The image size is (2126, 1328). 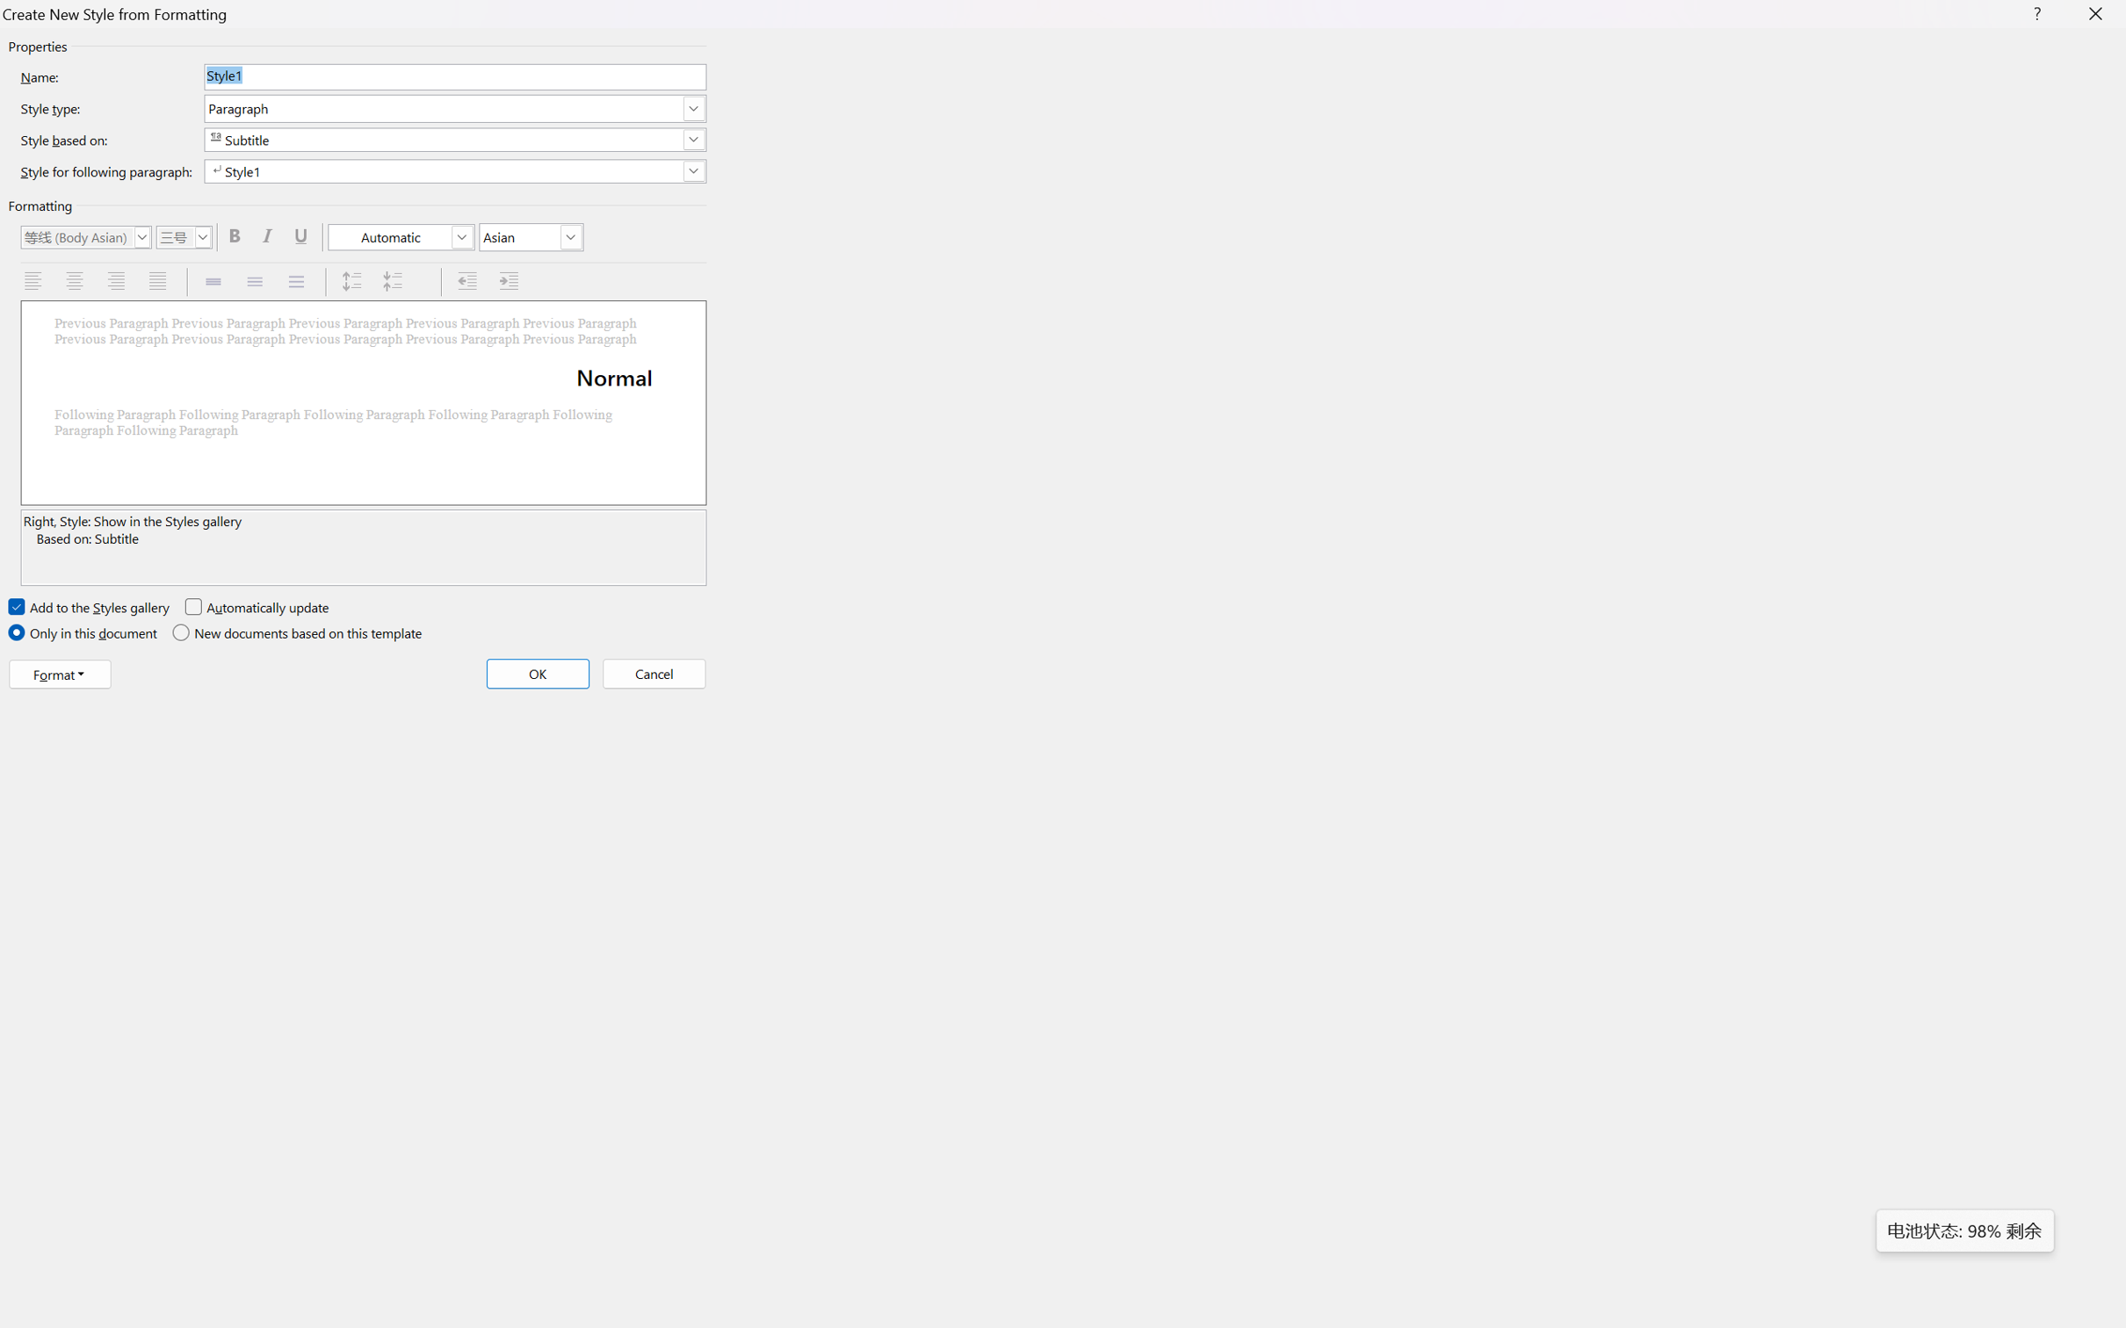 I want to click on 'Decrease Paragraph Spacing', so click(x=394, y=281).